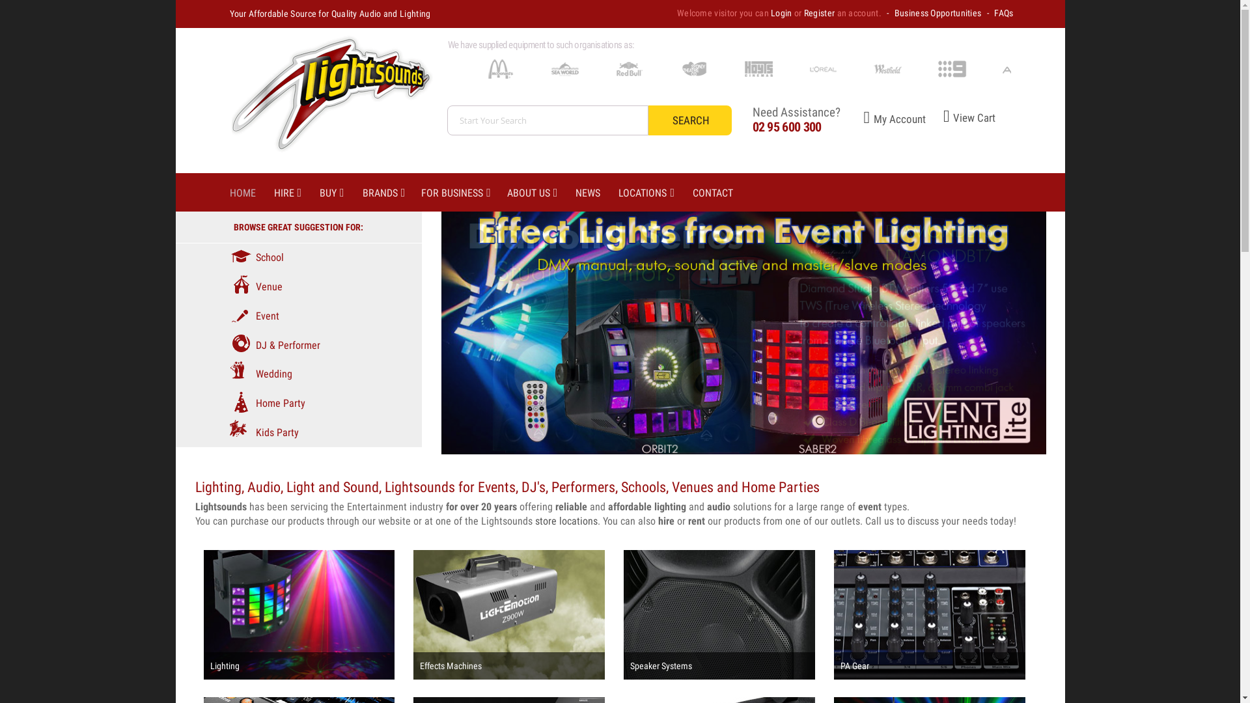  Describe the element at coordinates (362, 193) in the screenshot. I see `'BRANDS'` at that location.